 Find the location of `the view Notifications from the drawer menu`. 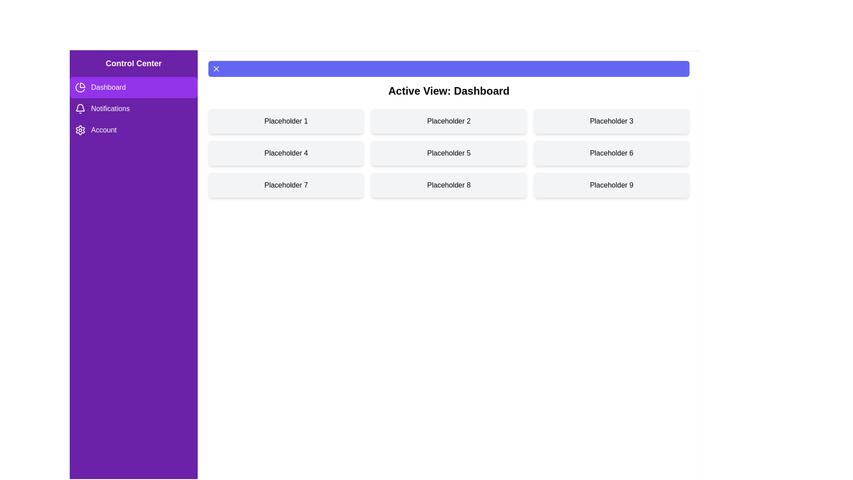

the view Notifications from the drawer menu is located at coordinates (133, 108).